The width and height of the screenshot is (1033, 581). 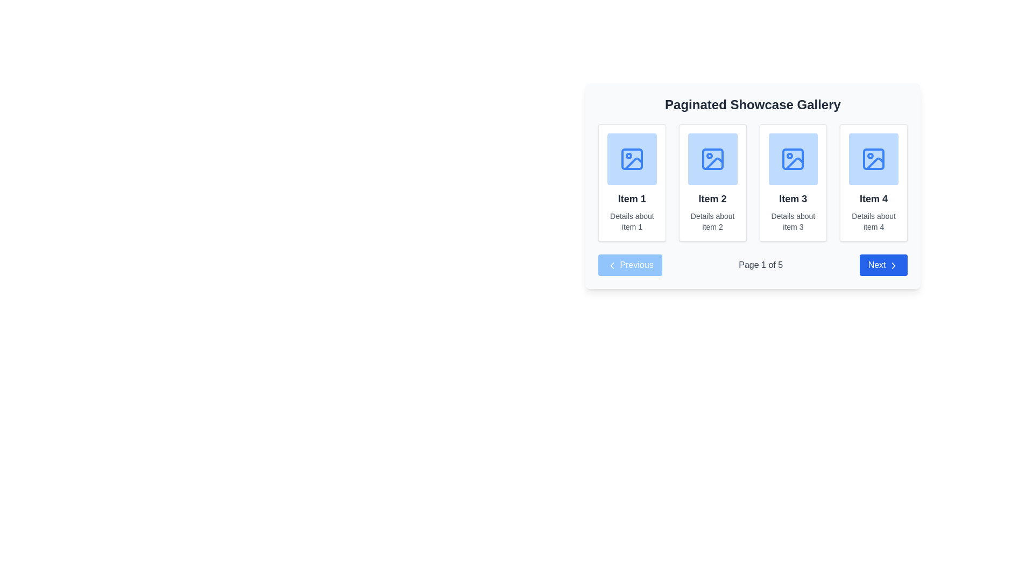 I want to click on the descriptive text element located below the title and image components of 'Item 3', so click(x=793, y=221).